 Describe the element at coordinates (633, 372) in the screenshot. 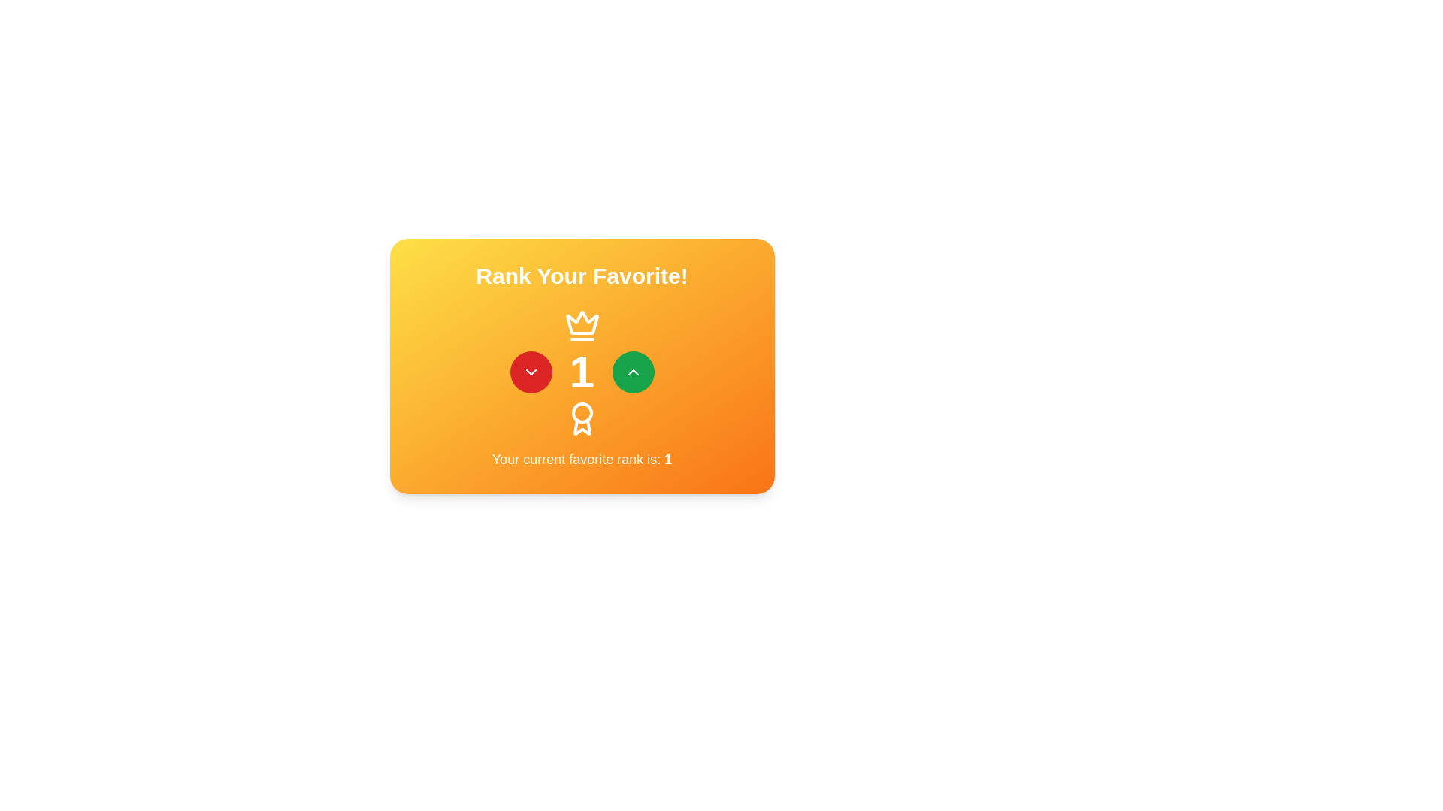

I see `the small triangular 'chevron-up' icon displayed in white color, positioned inside a green circular background, located towards the bottom-right area of the main card` at that location.